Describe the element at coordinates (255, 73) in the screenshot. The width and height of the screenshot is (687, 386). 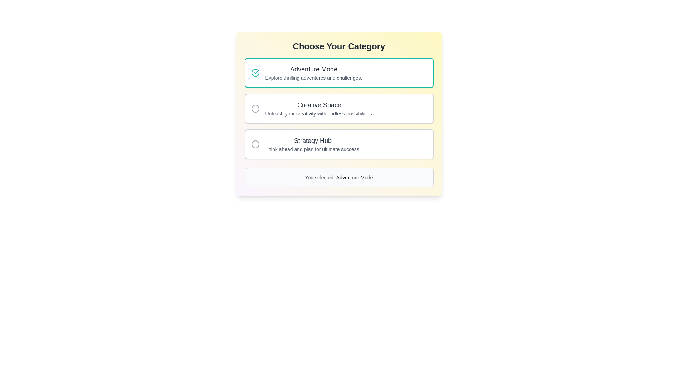
I see `the circular checkmark icon indicating the selection of 'Adventure Mode', located in the top left corner of the first card` at that location.